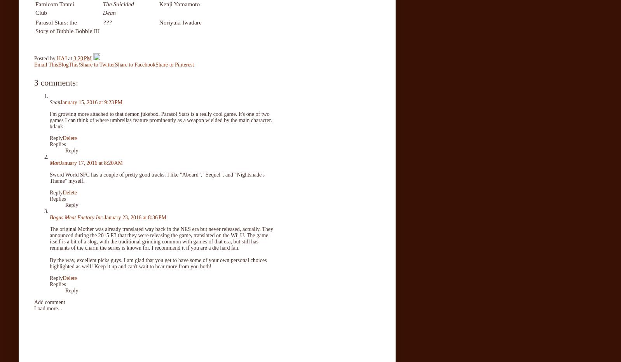 The height and width of the screenshot is (362, 621). Describe the element at coordinates (114, 64) in the screenshot. I see `'Share to Facebook'` at that location.